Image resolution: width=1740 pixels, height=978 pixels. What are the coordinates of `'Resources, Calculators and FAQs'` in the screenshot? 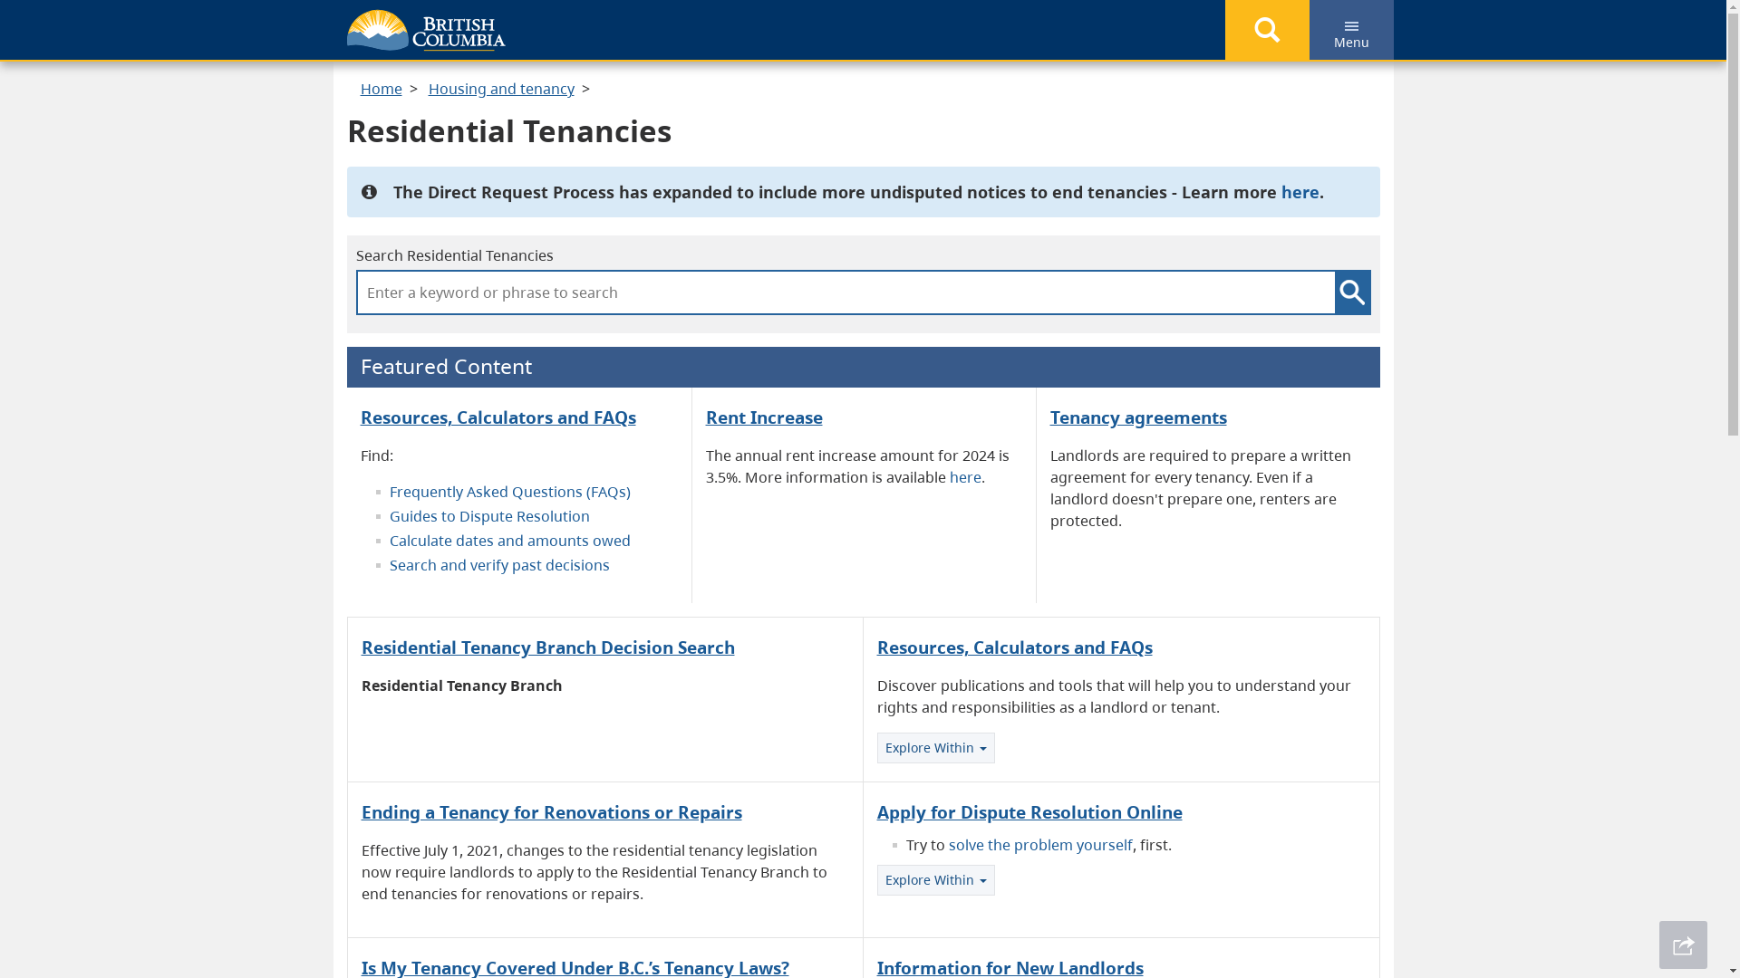 It's located at (1013, 646).